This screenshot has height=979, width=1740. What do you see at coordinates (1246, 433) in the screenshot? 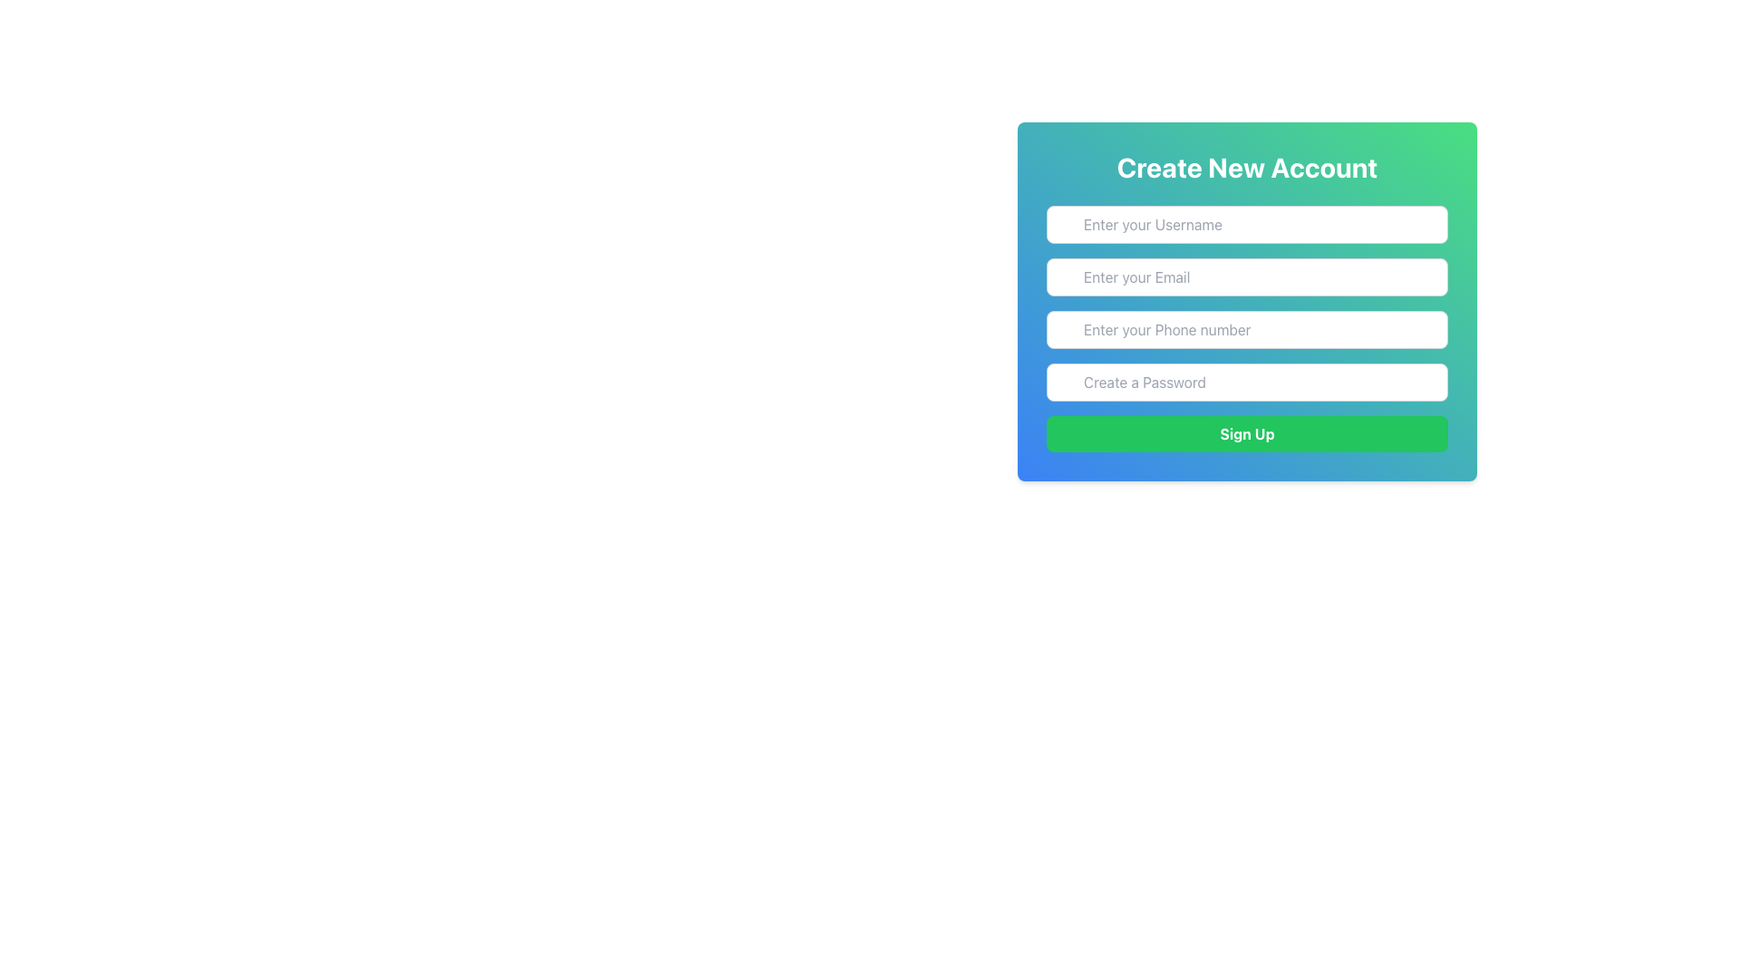
I see `the 'Sign Up' button, which is a rectangular button with rounded corners, a green background, and white bold text, located at the bottom of a form component` at bounding box center [1246, 433].